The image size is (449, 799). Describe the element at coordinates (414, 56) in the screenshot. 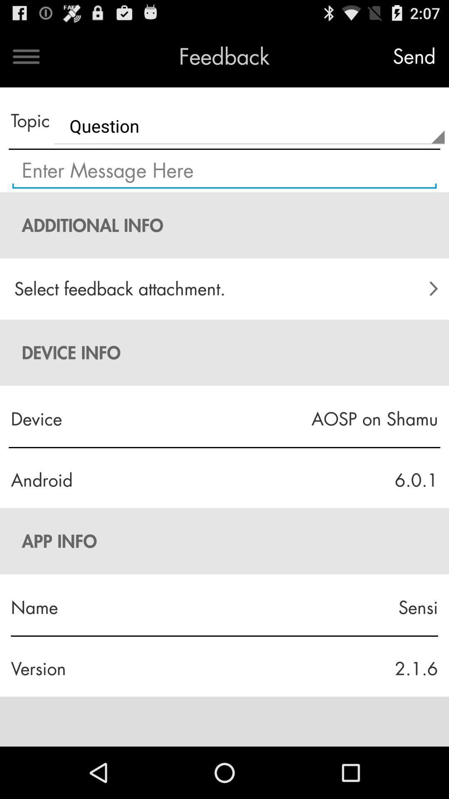

I see `the item at the top right corner` at that location.